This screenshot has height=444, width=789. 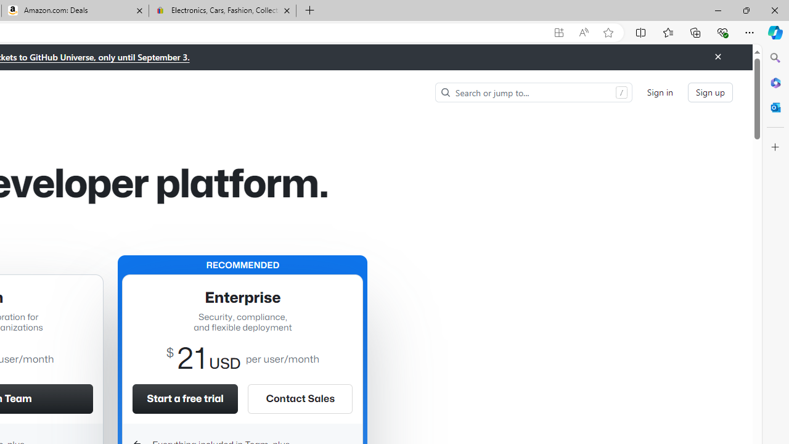 What do you see at coordinates (184, 398) in the screenshot?
I see `'Start a free trial'` at bounding box center [184, 398].